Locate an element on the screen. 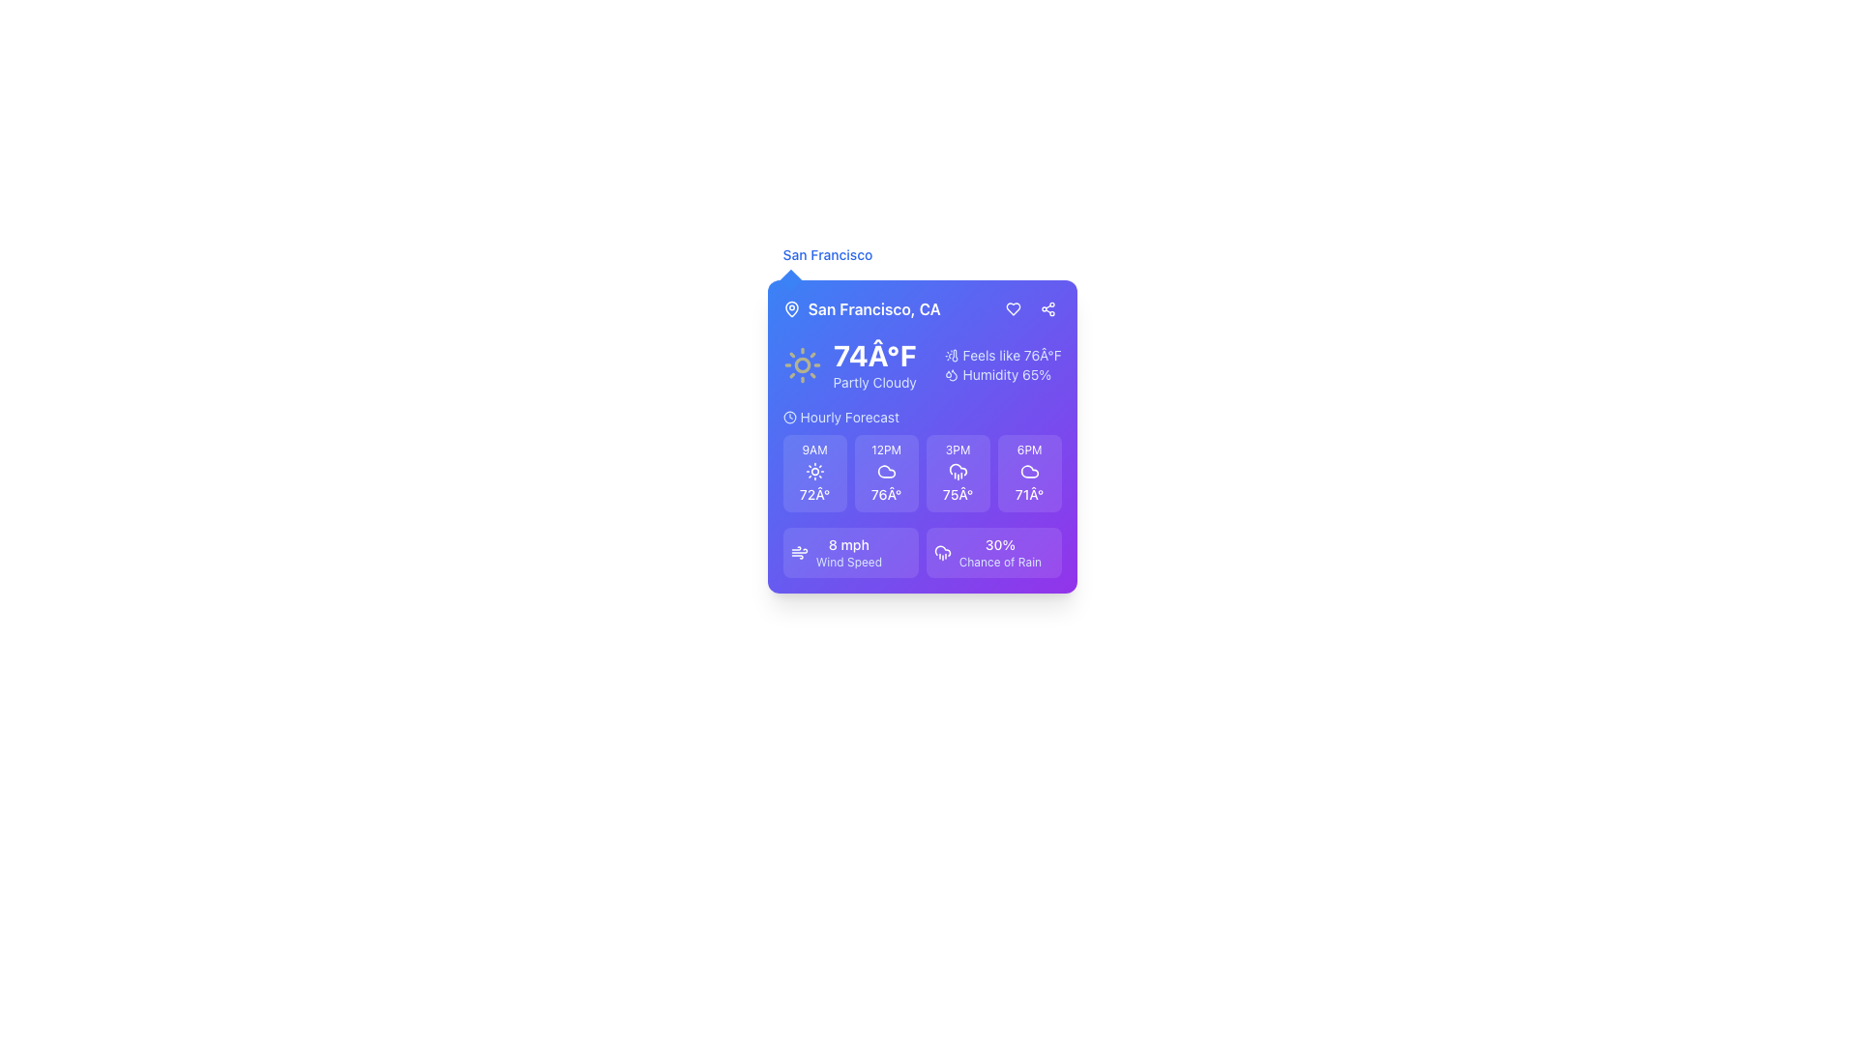  the thermometer icon representing temperature in the weather forecast for San Francisco, CA, located within the weather card is located at coordinates (956, 355).